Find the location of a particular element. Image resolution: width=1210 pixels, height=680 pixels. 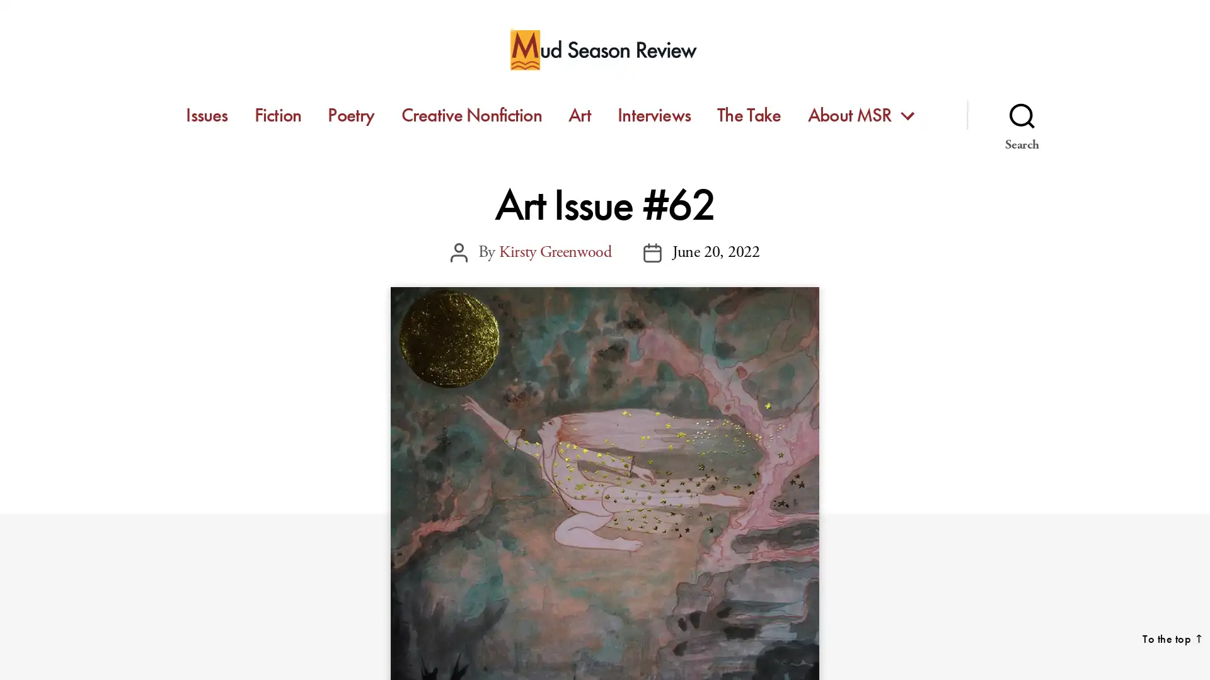

Search is located at coordinates (1022, 115).